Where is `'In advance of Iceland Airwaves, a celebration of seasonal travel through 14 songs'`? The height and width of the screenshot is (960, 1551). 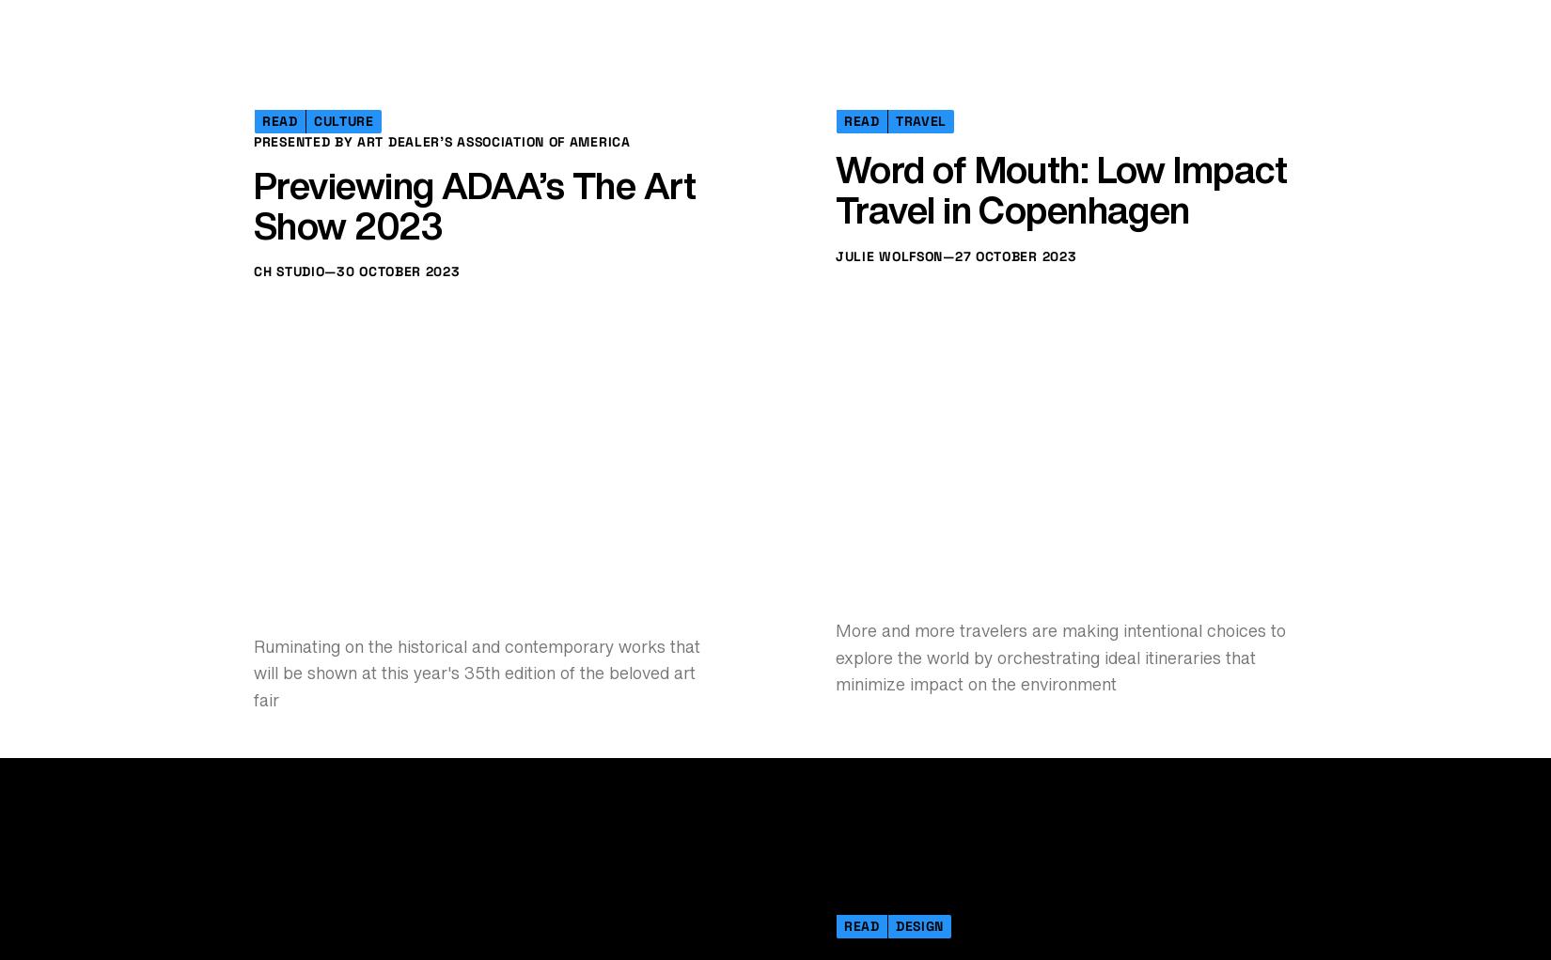
'In advance of Iceland Airwaves, a celebration of seasonal travel through 14 songs' is located at coordinates (493, 250).